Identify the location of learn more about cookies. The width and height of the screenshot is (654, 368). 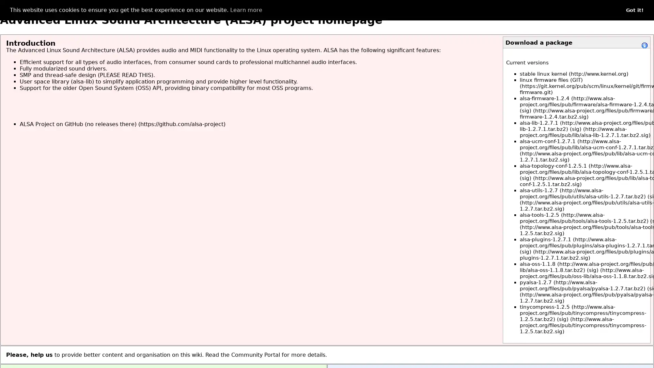
(245, 10).